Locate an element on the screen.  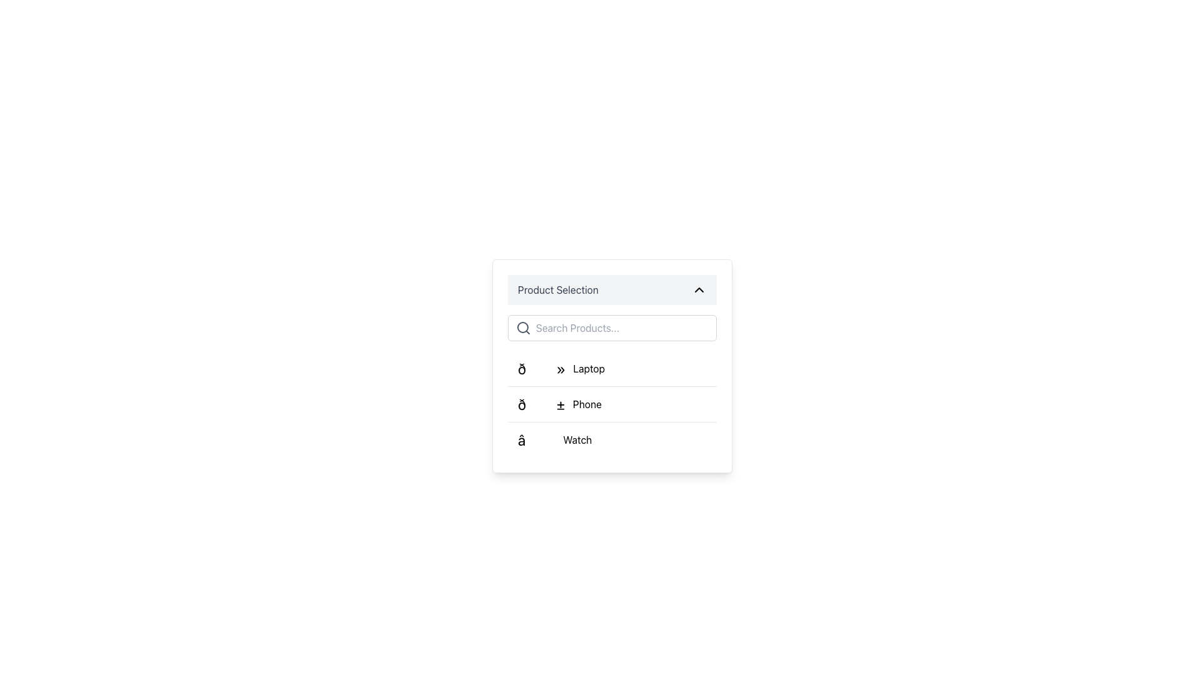
the selectable items within the 'Product Selection' dropdown menu, which includes options like 'Laptop', 'Phone', and 'Watch' is located at coordinates (612, 366).